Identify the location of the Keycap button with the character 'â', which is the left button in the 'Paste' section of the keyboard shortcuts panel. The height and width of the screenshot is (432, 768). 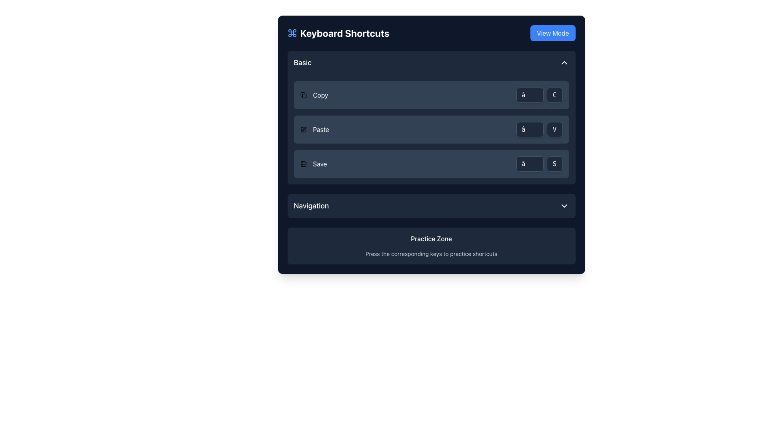
(530, 129).